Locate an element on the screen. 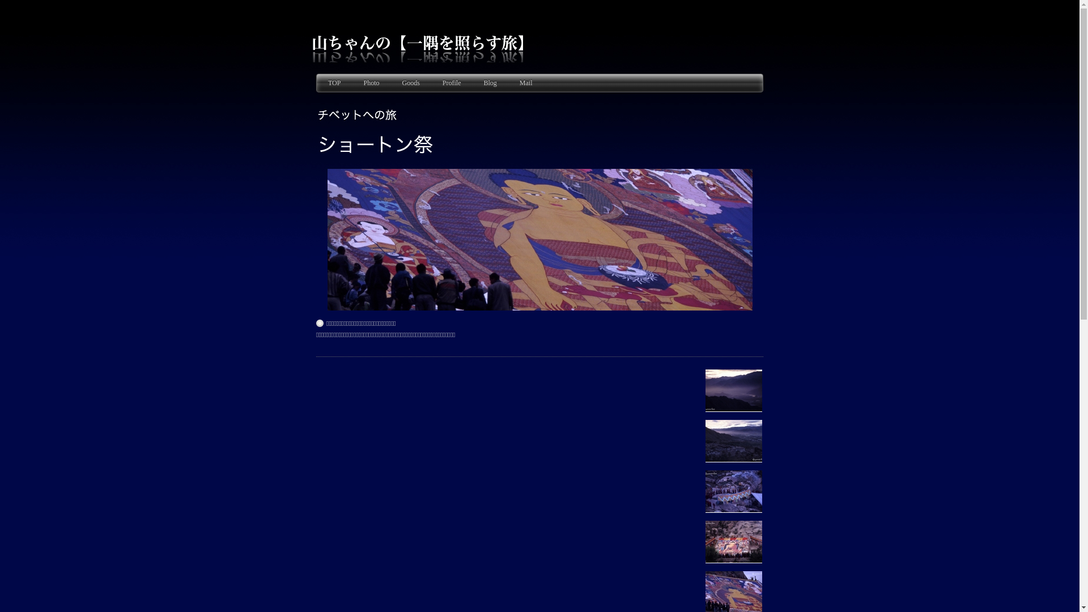 The height and width of the screenshot is (612, 1088). 'Photo' is located at coordinates (371, 82).